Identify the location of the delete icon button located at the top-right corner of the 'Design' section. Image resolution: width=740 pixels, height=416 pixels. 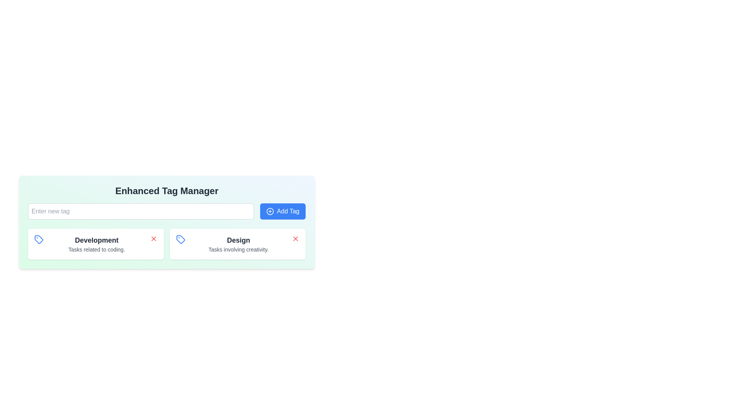
(295, 238).